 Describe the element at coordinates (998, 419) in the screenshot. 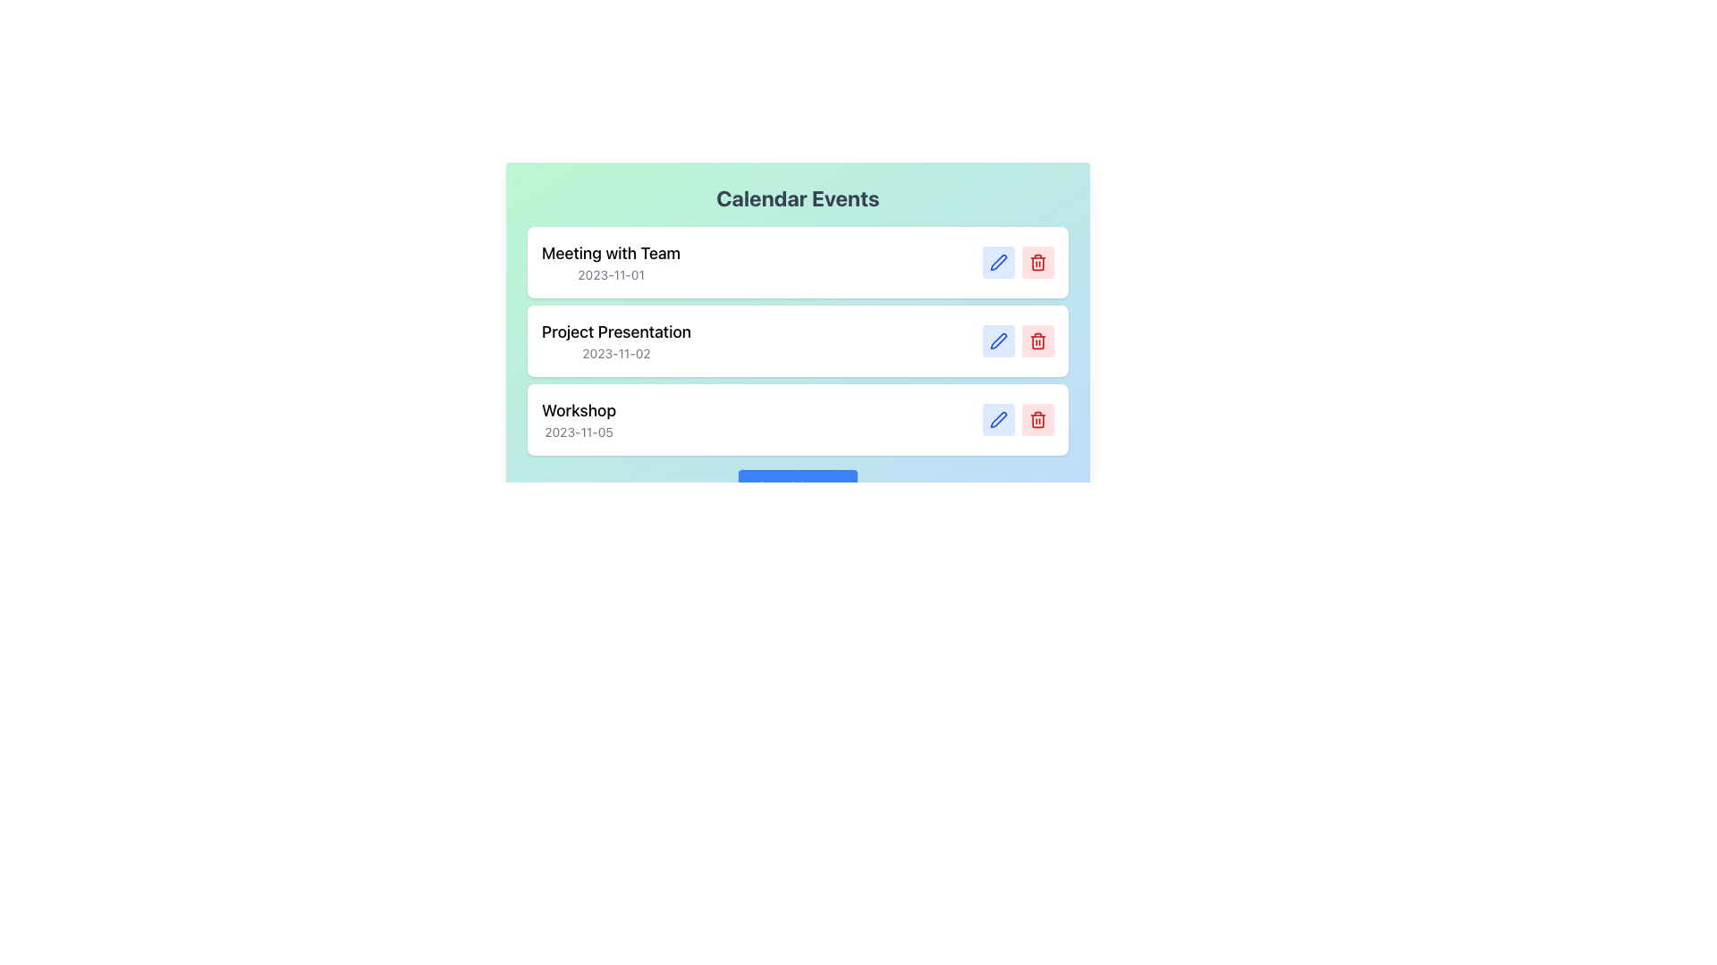

I see `the pen icon within the blue round-cornered button for the 'Workshop' calendar entry` at that location.